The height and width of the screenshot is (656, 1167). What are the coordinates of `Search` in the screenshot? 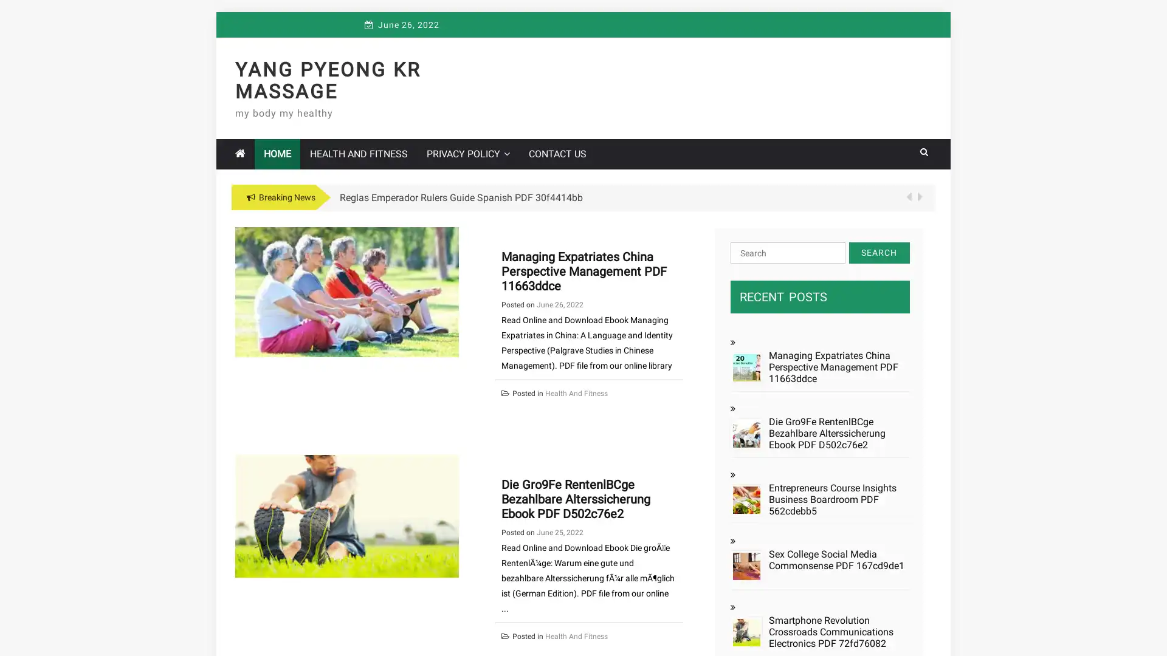 It's located at (878, 252).